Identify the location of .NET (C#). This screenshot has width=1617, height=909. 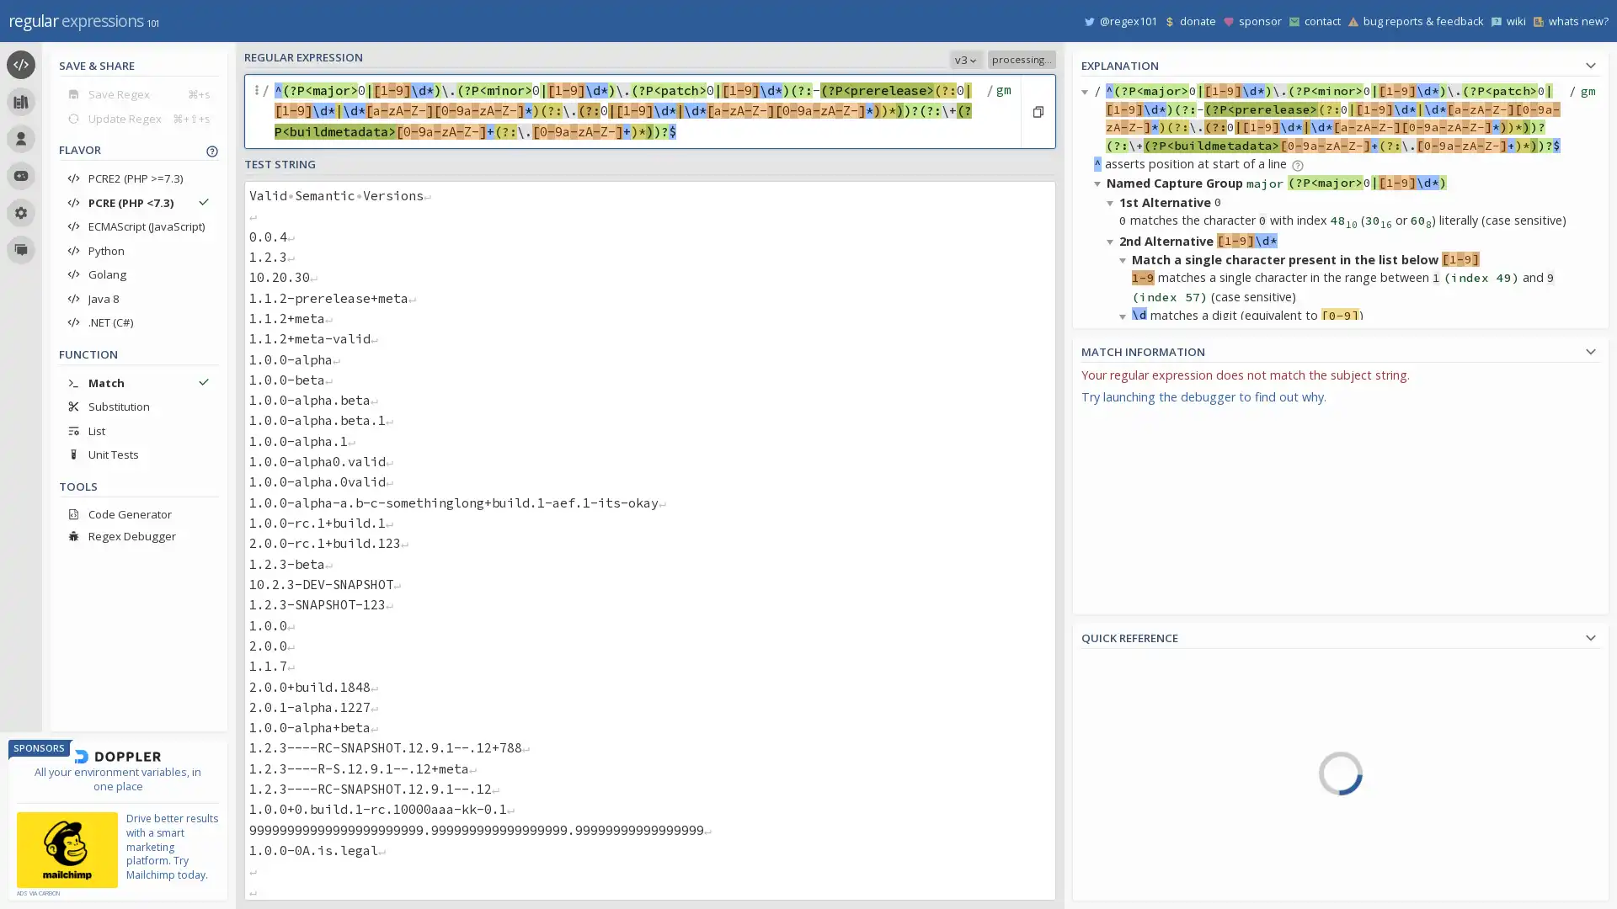
(138, 322).